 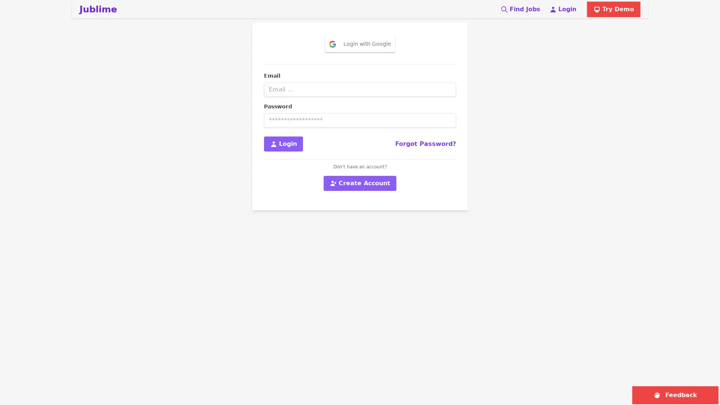 What do you see at coordinates (283, 144) in the screenshot?
I see `Login` at bounding box center [283, 144].